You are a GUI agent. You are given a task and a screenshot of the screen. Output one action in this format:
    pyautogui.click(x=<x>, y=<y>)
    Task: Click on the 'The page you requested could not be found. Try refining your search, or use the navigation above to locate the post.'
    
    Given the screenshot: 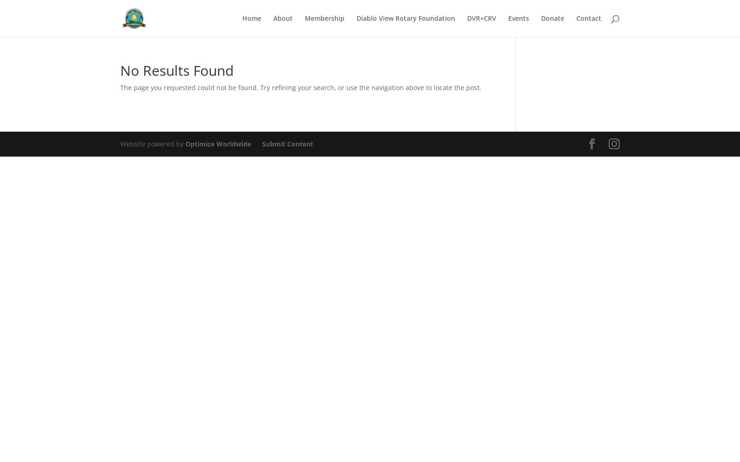 What is the action you would take?
    pyautogui.click(x=301, y=87)
    